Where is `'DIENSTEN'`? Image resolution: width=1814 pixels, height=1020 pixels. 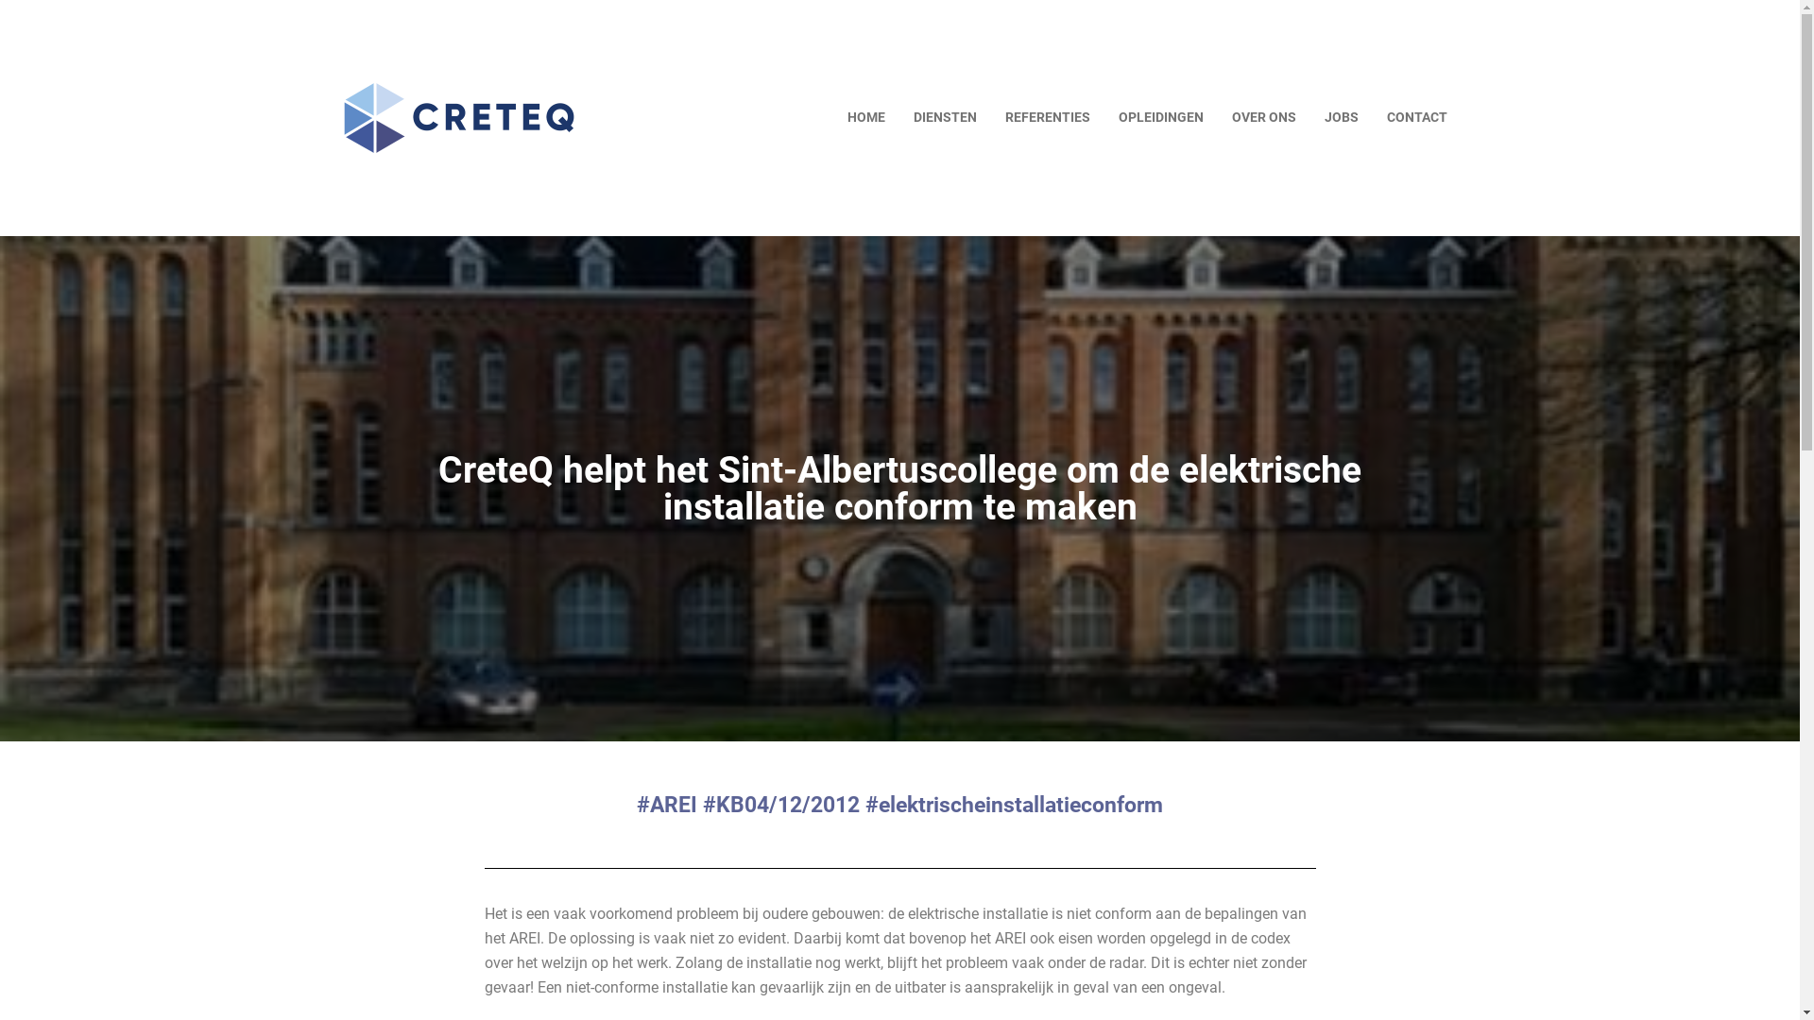
'DIENSTEN' is located at coordinates (945, 117).